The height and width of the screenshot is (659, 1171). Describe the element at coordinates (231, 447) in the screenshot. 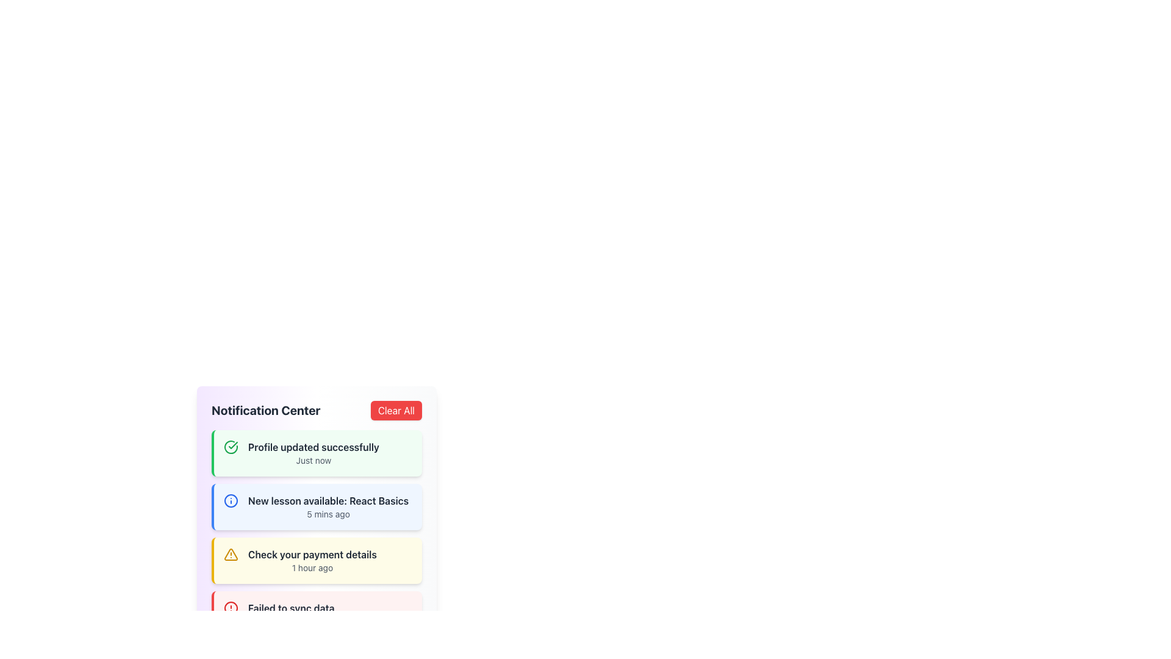

I see `the circular icon with a checkmark inside it, which is located adjacent to the notification message 'Profile updated successfully.' in the green-highlighted notification box` at that location.